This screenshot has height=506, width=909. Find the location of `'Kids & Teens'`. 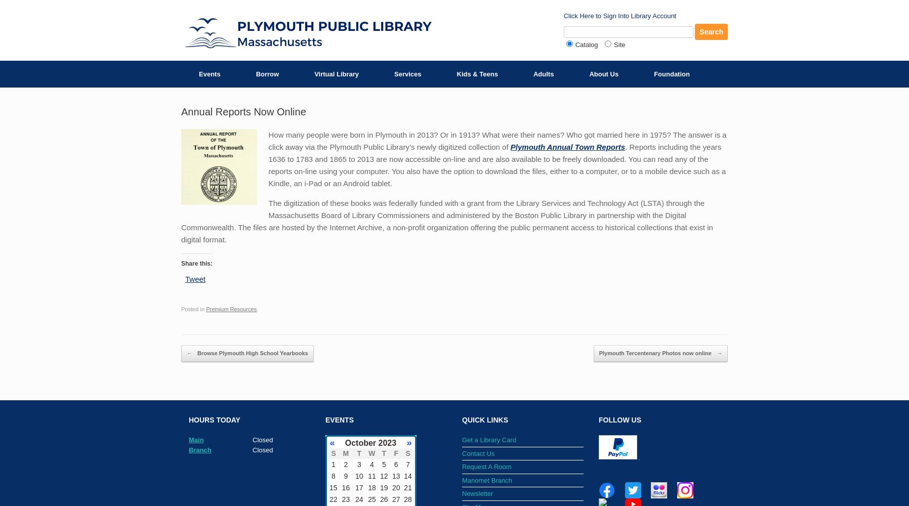

'Kids & Teens' is located at coordinates (476, 74).